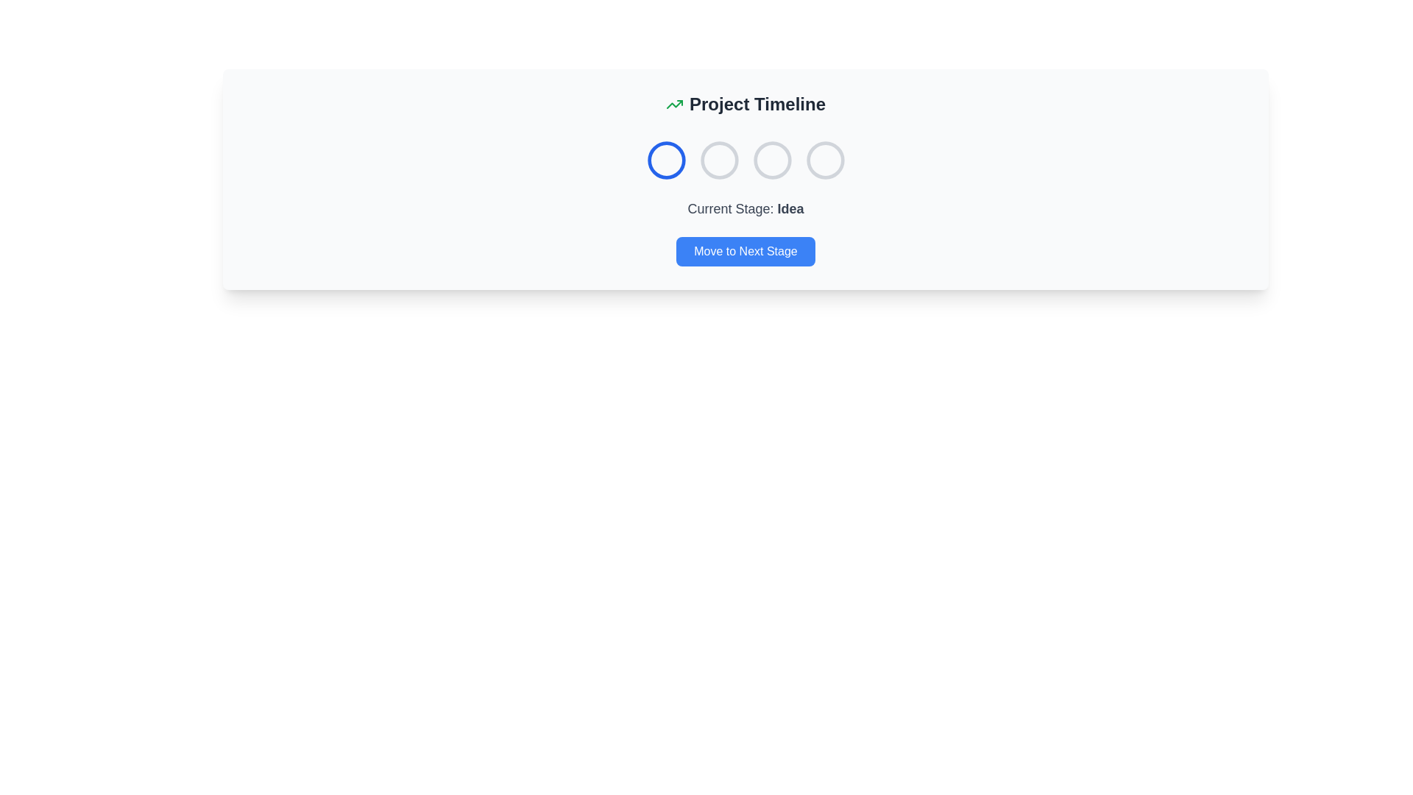  Describe the element at coordinates (719, 160) in the screenshot. I see `the second circular progress indicator in the project timeline, which is centrally located beneath the 'Project Timeline' title and next to the 'Current Stage: Idea' label` at that location.